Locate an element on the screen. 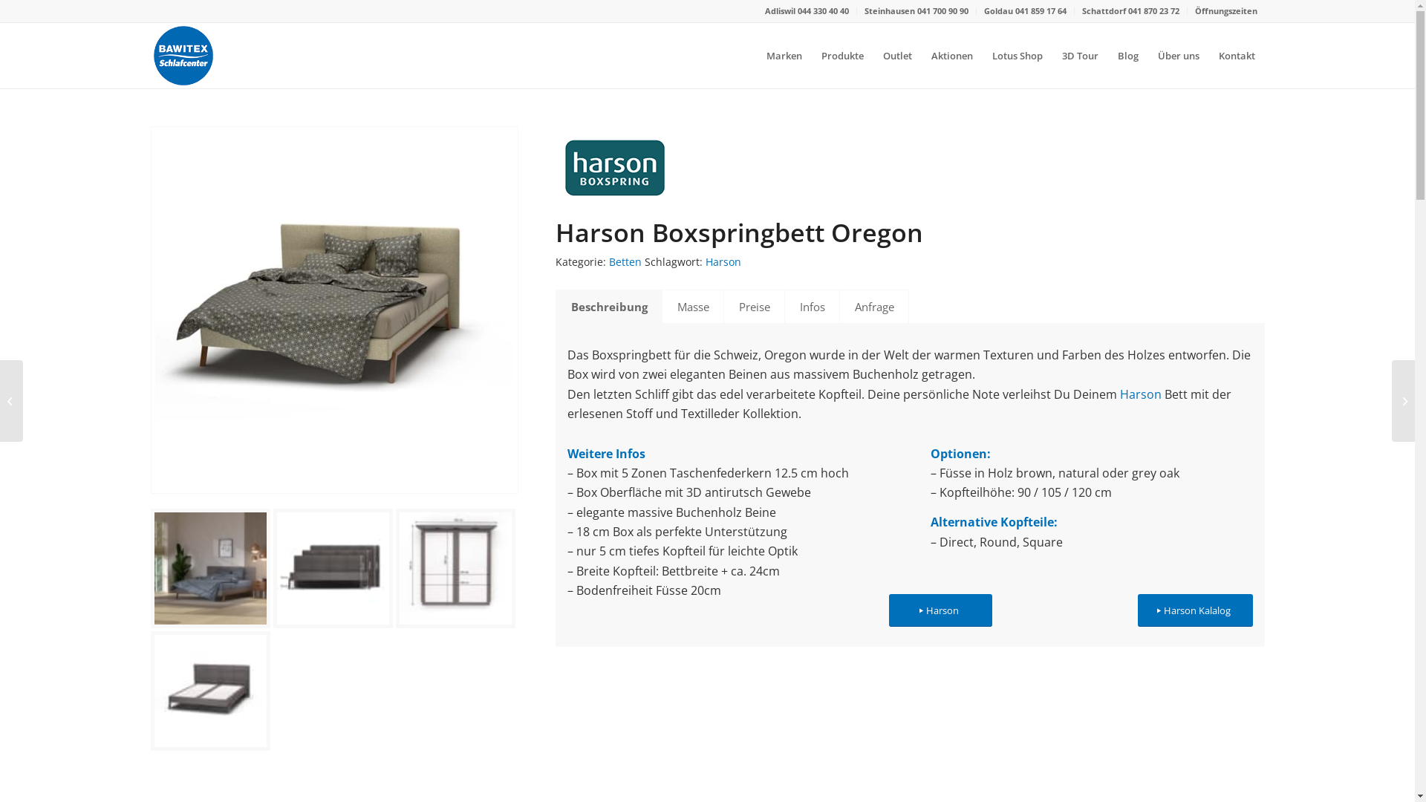 This screenshot has width=1426, height=802. 'Infos' is located at coordinates (811, 305).